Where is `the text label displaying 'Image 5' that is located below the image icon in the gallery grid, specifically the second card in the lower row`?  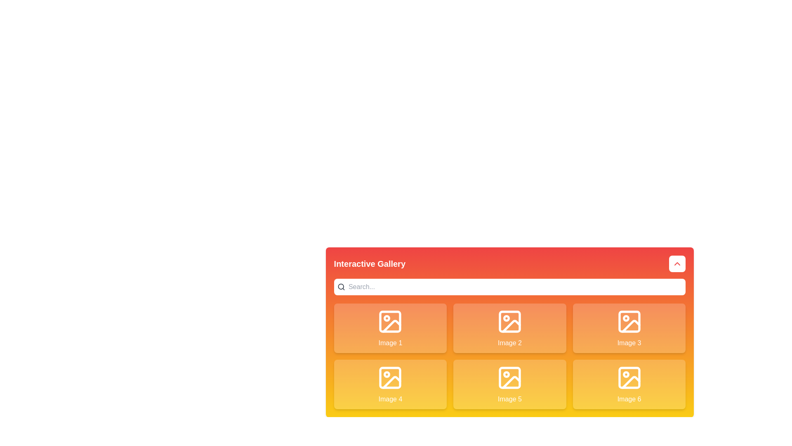
the text label displaying 'Image 5' that is located below the image icon in the gallery grid, specifically the second card in the lower row is located at coordinates (509, 399).